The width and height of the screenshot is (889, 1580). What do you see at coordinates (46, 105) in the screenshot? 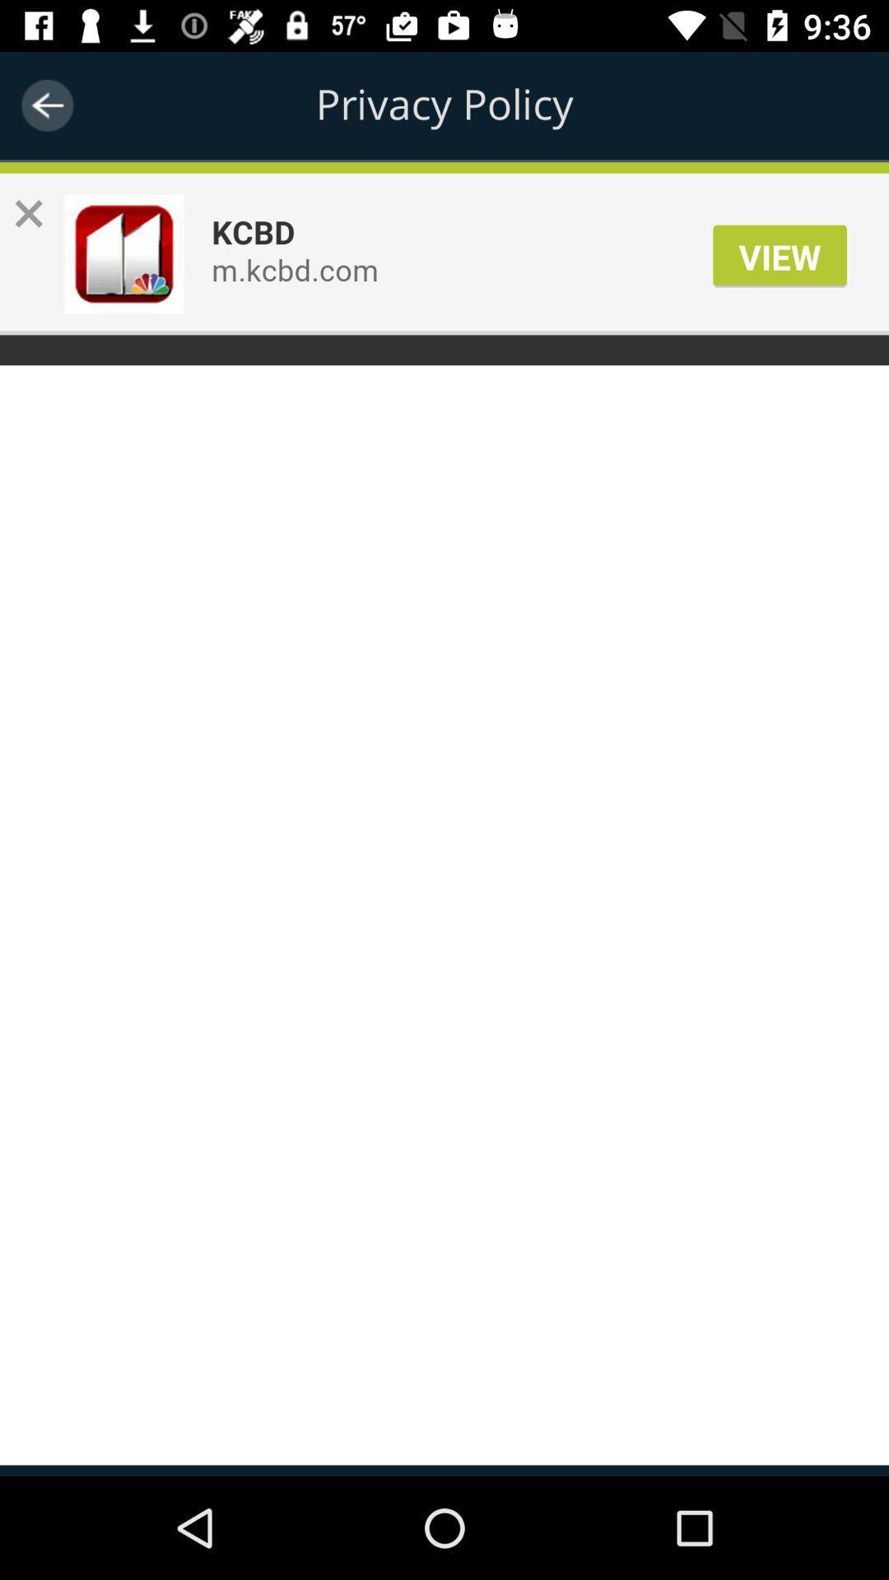
I see `the arrow_backward icon` at bounding box center [46, 105].